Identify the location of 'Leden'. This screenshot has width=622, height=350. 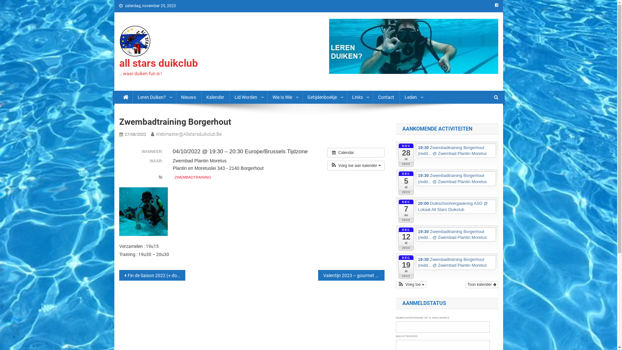
(412, 97).